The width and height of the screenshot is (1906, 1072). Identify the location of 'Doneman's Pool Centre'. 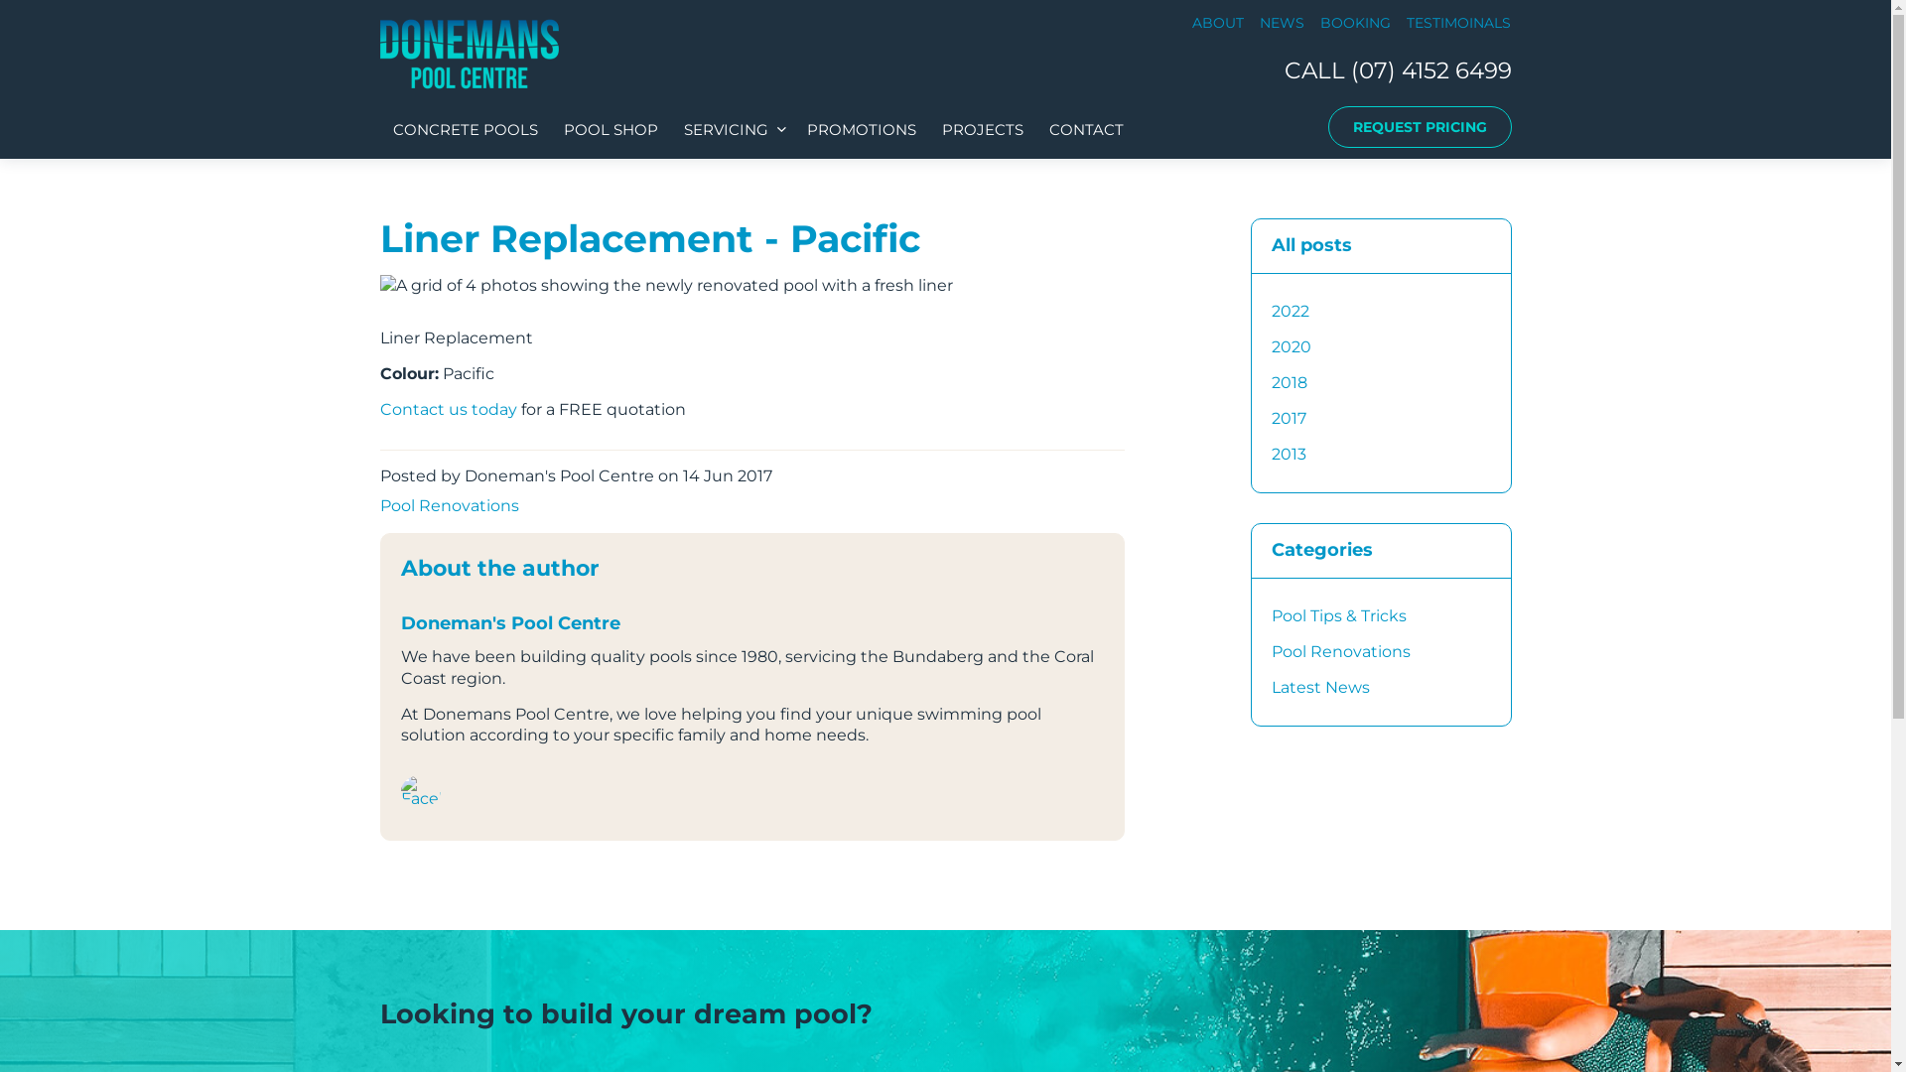
(467, 53).